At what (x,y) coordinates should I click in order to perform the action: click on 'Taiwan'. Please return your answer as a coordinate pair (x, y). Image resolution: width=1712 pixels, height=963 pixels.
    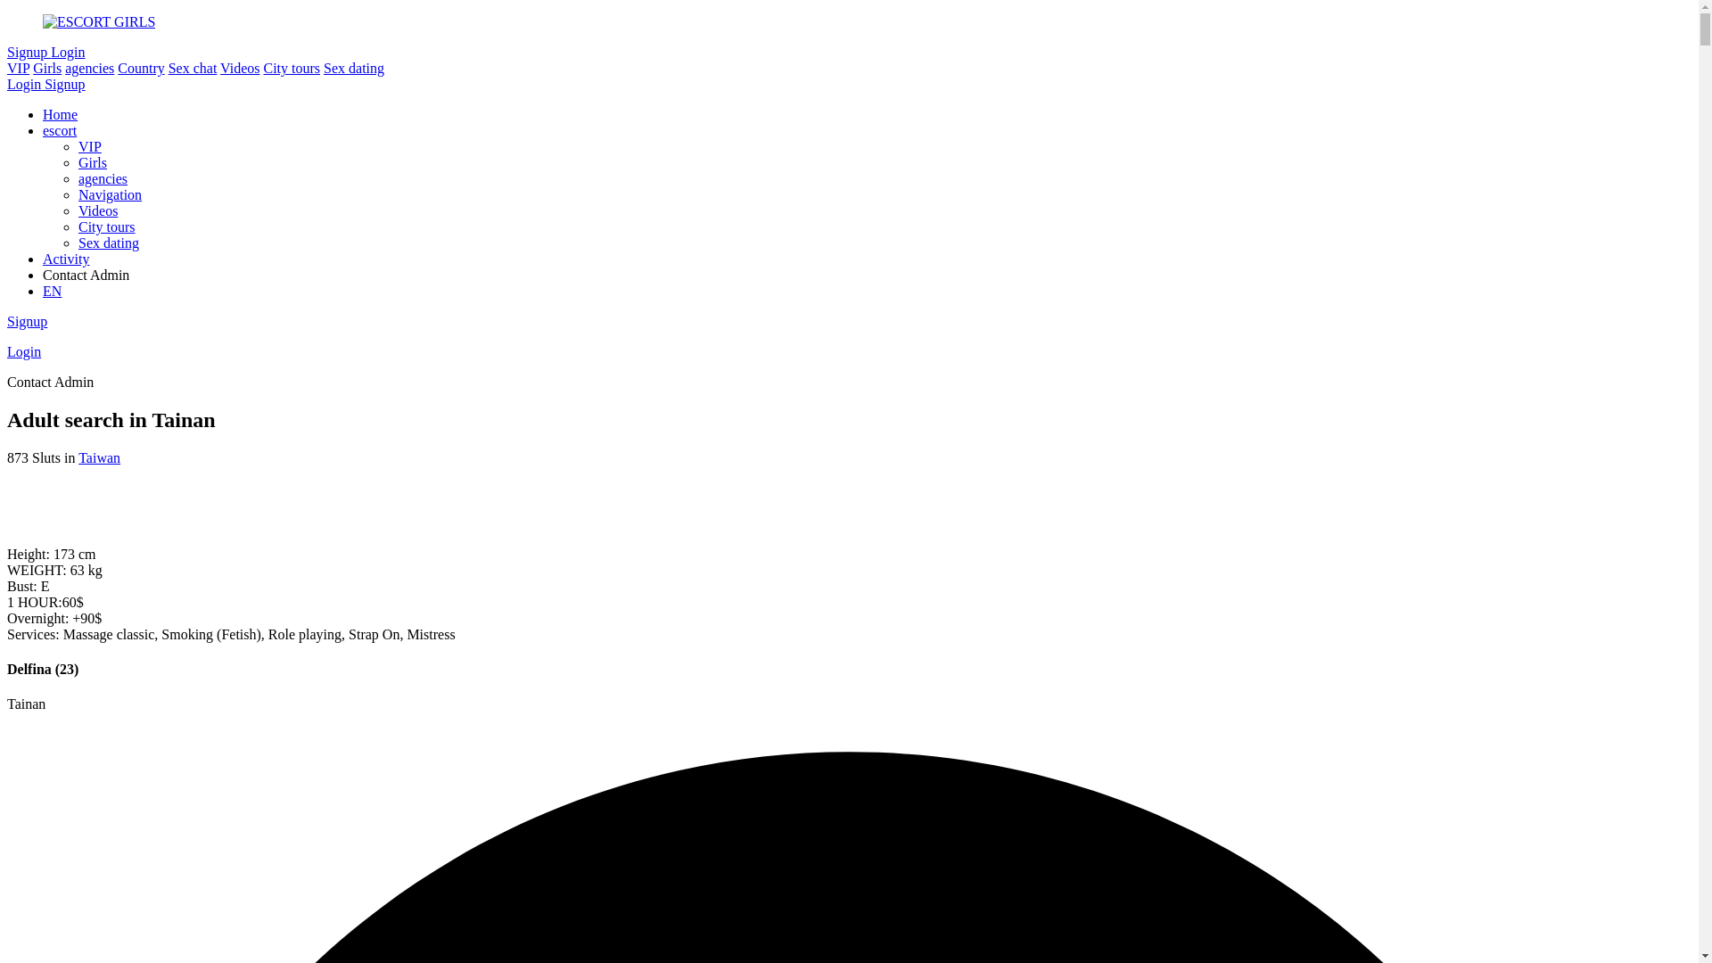
    Looking at the image, I should click on (98, 457).